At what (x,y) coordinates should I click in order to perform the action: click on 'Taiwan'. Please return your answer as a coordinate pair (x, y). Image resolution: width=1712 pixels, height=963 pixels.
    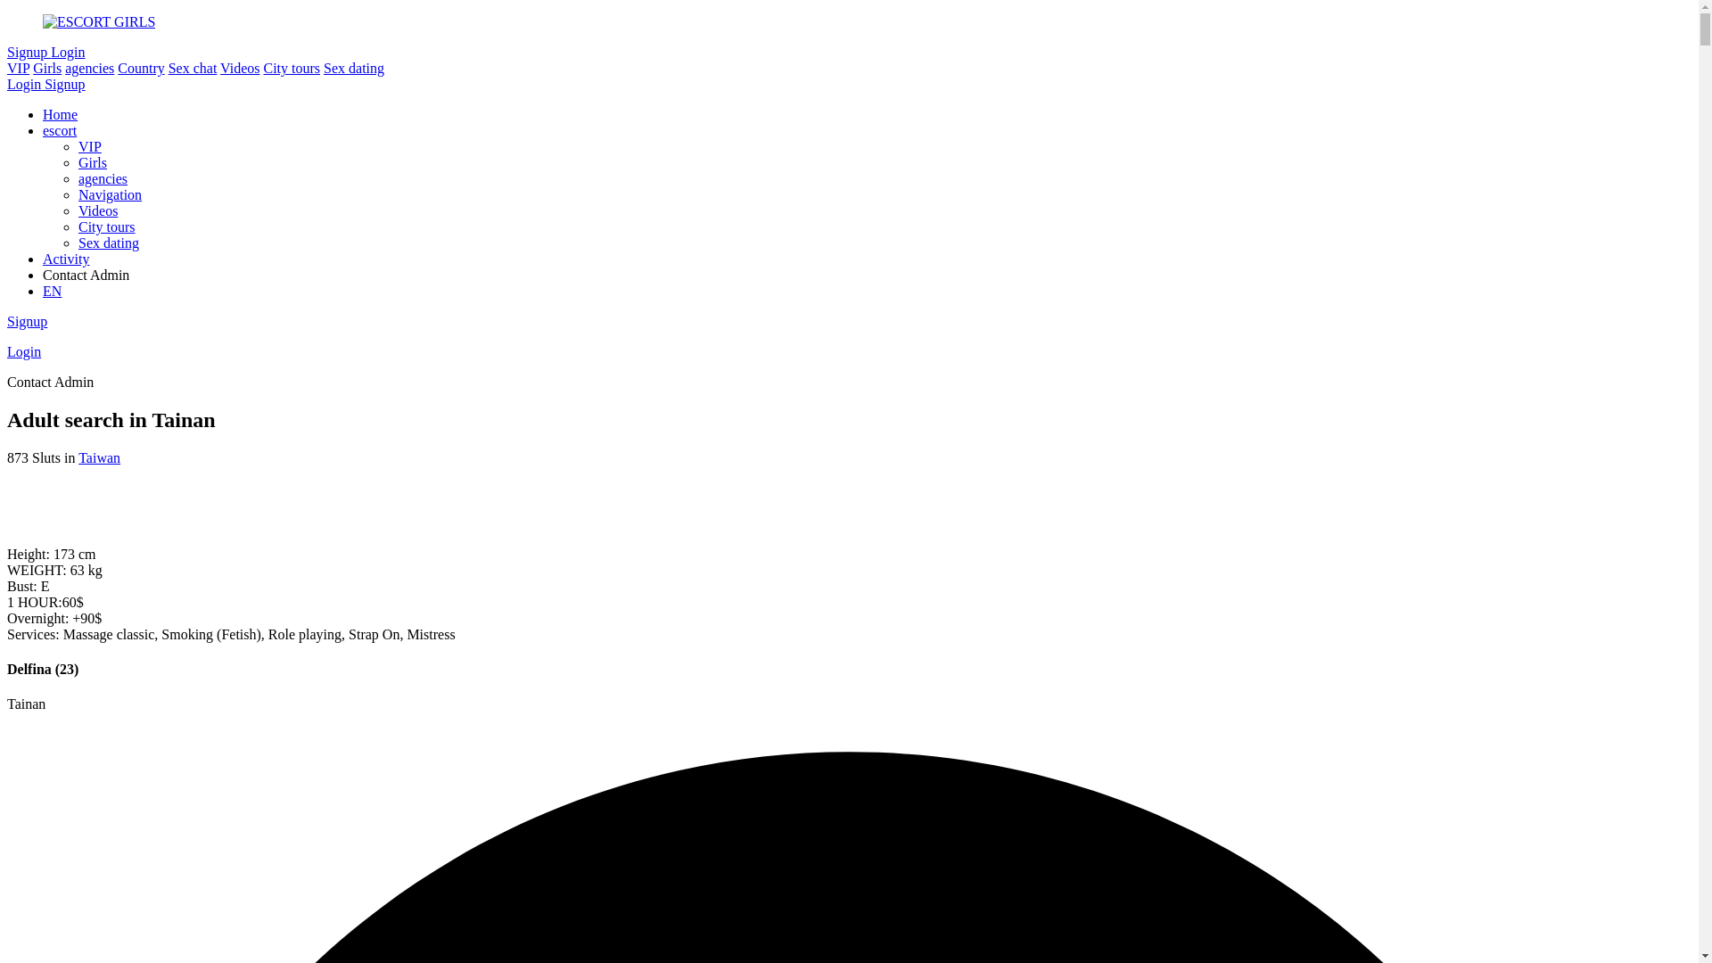
    Looking at the image, I should click on (98, 457).